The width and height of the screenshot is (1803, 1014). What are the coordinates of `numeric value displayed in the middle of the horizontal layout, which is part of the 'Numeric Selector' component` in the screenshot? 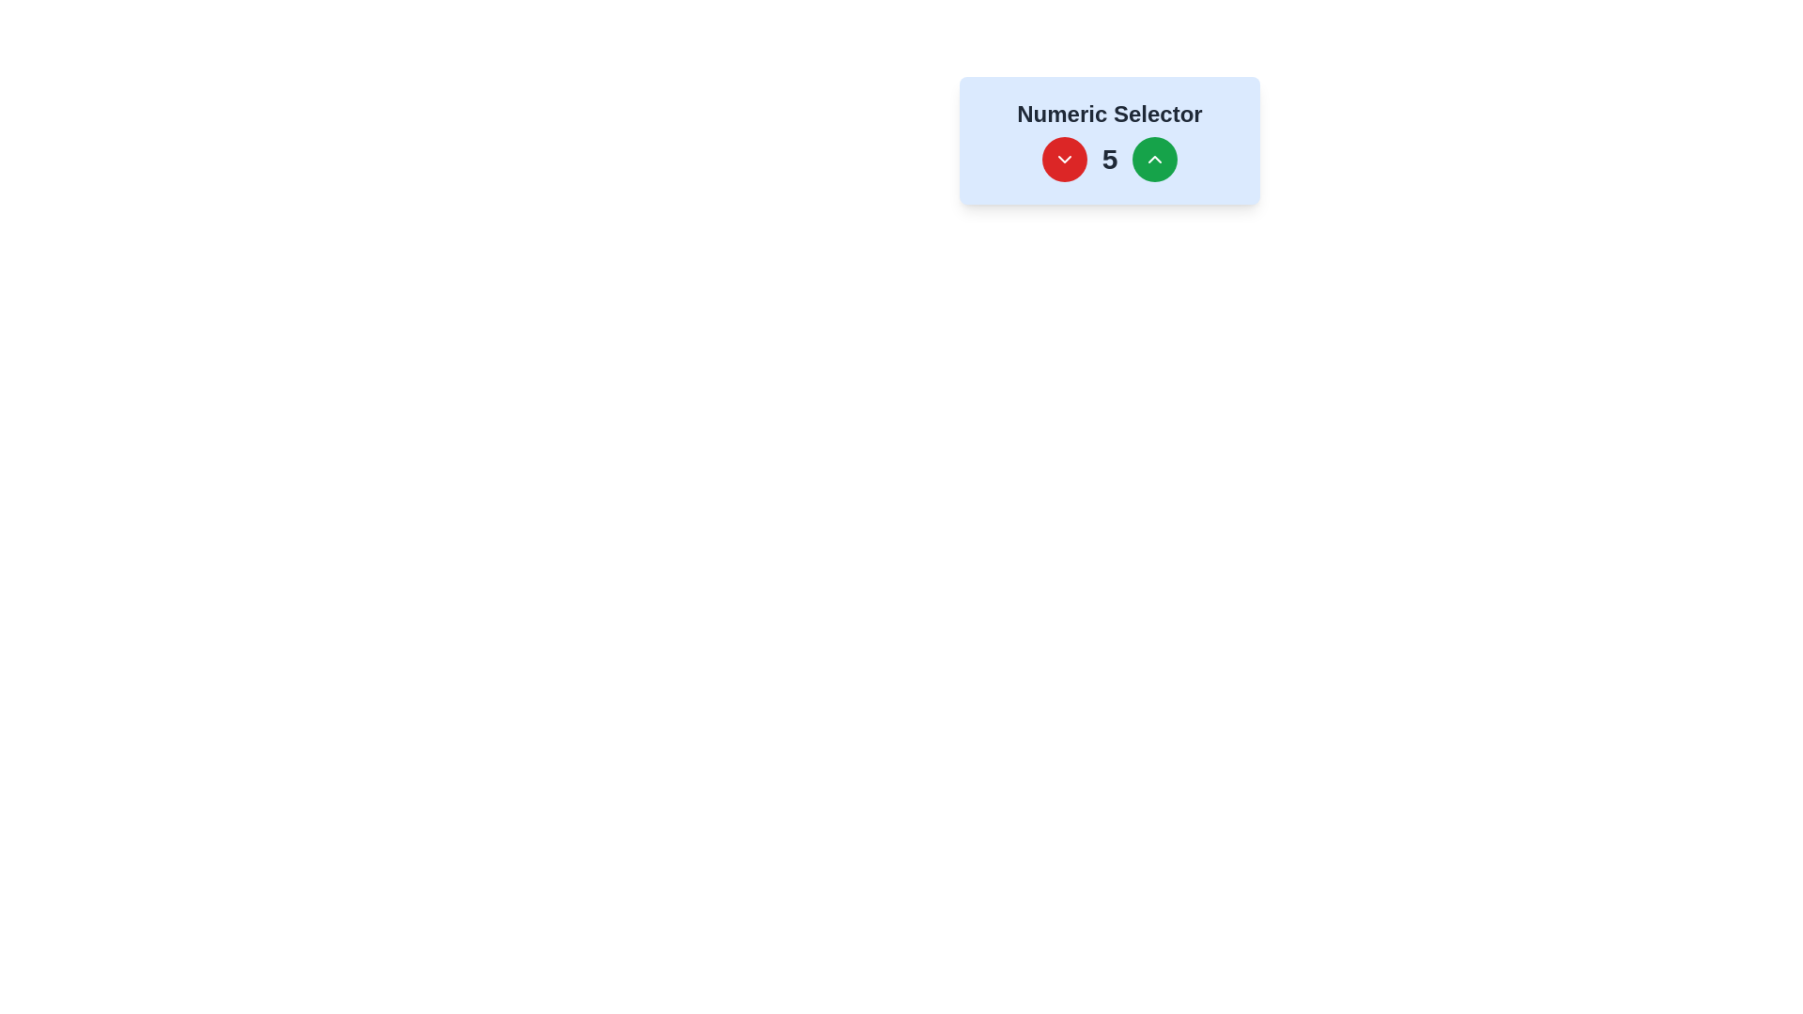 It's located at (1109, 158).